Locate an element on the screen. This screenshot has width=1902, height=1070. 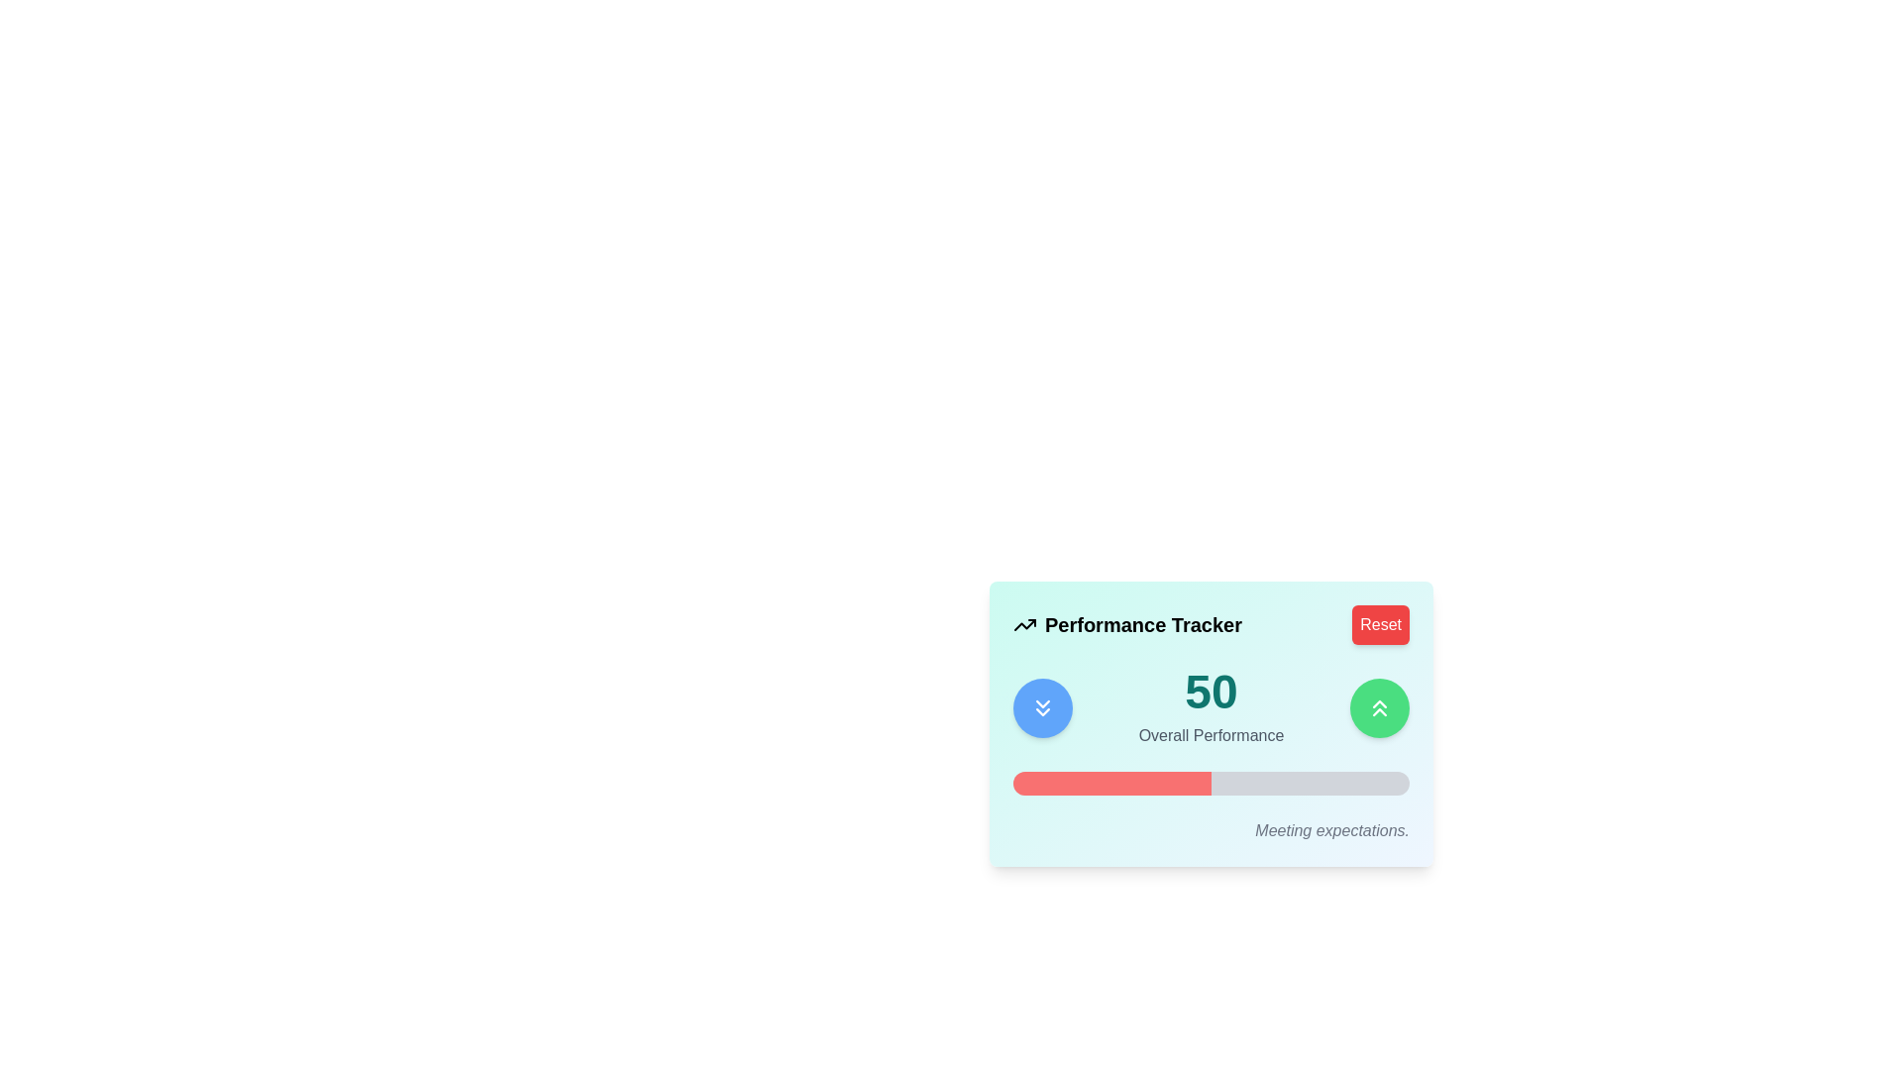
the circular green button with white text and upward arrows icon located at the bottom-right corner of the performance tracker is located at coordinates (1378, 706).